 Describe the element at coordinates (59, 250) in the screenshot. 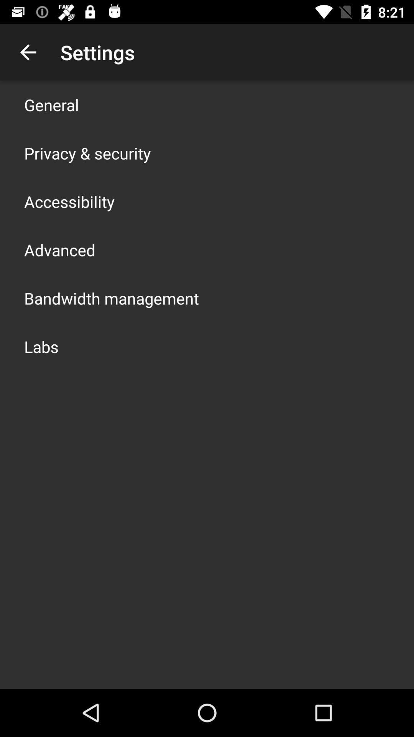

I see `the advanced app` at that location.